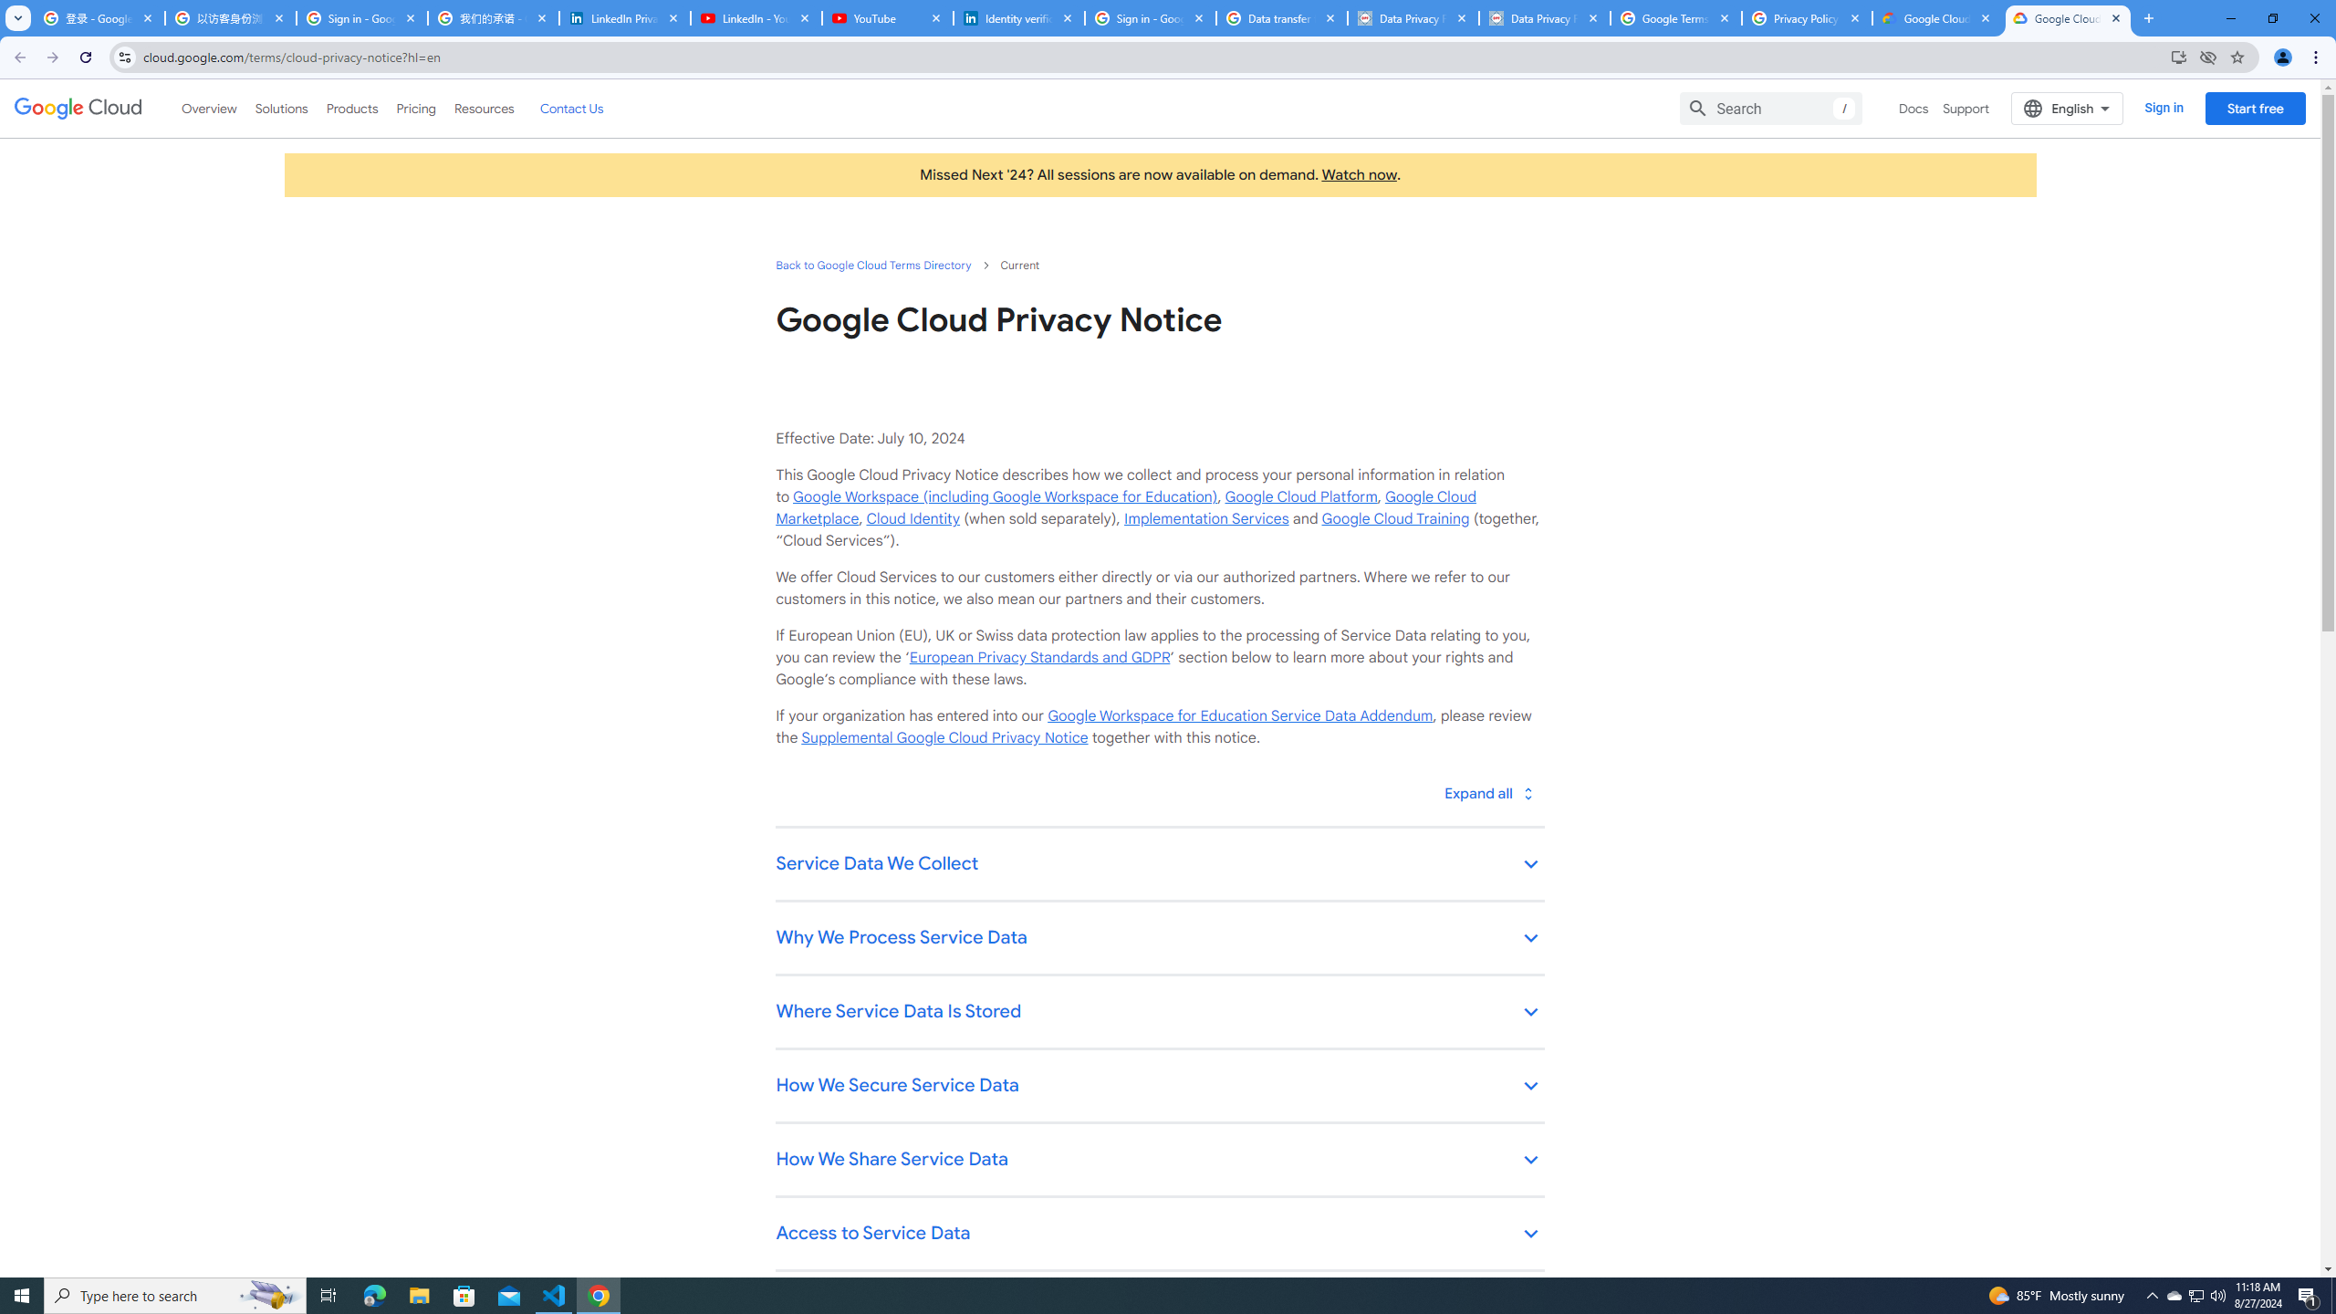  What do you see at coordinates (1966, 108) in the screenshot?
I see `'Support'` at bounding box center [1966, 108].